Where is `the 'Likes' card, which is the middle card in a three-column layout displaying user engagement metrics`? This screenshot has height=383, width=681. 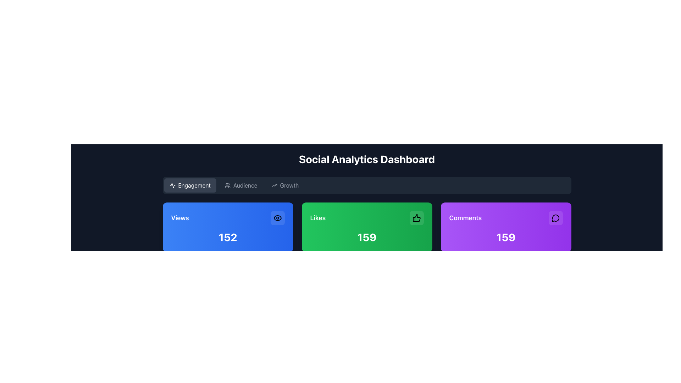
the 'Likes' card, which is the middle card in a three-column layout displaying user engagement metrics is located at coordinates (367, 227).